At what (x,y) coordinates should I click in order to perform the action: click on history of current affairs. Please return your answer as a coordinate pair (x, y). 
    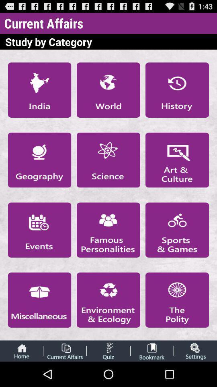
    Looking at the image, I should click on (177, 90).